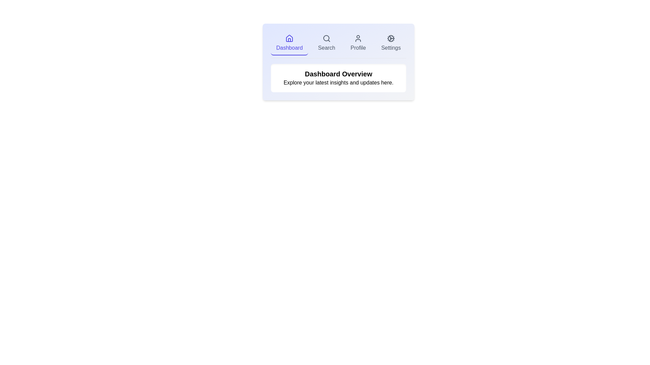 This screenshot has width=650, height=365. I want to click on the contextual Text Label that provides information related to the 'Dashboard Overview' section, located below the 'Dashboard Overview' title, so click(338, 82).